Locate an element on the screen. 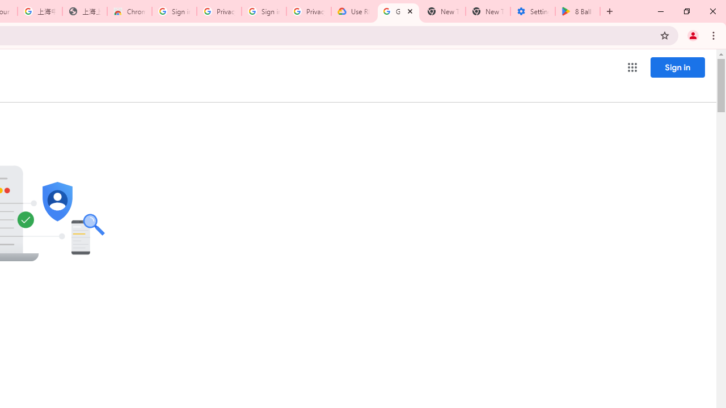 Image resolution: width=726 pixels, height=408 pixels. 'Sign in' is located at coordinates (677, 67).